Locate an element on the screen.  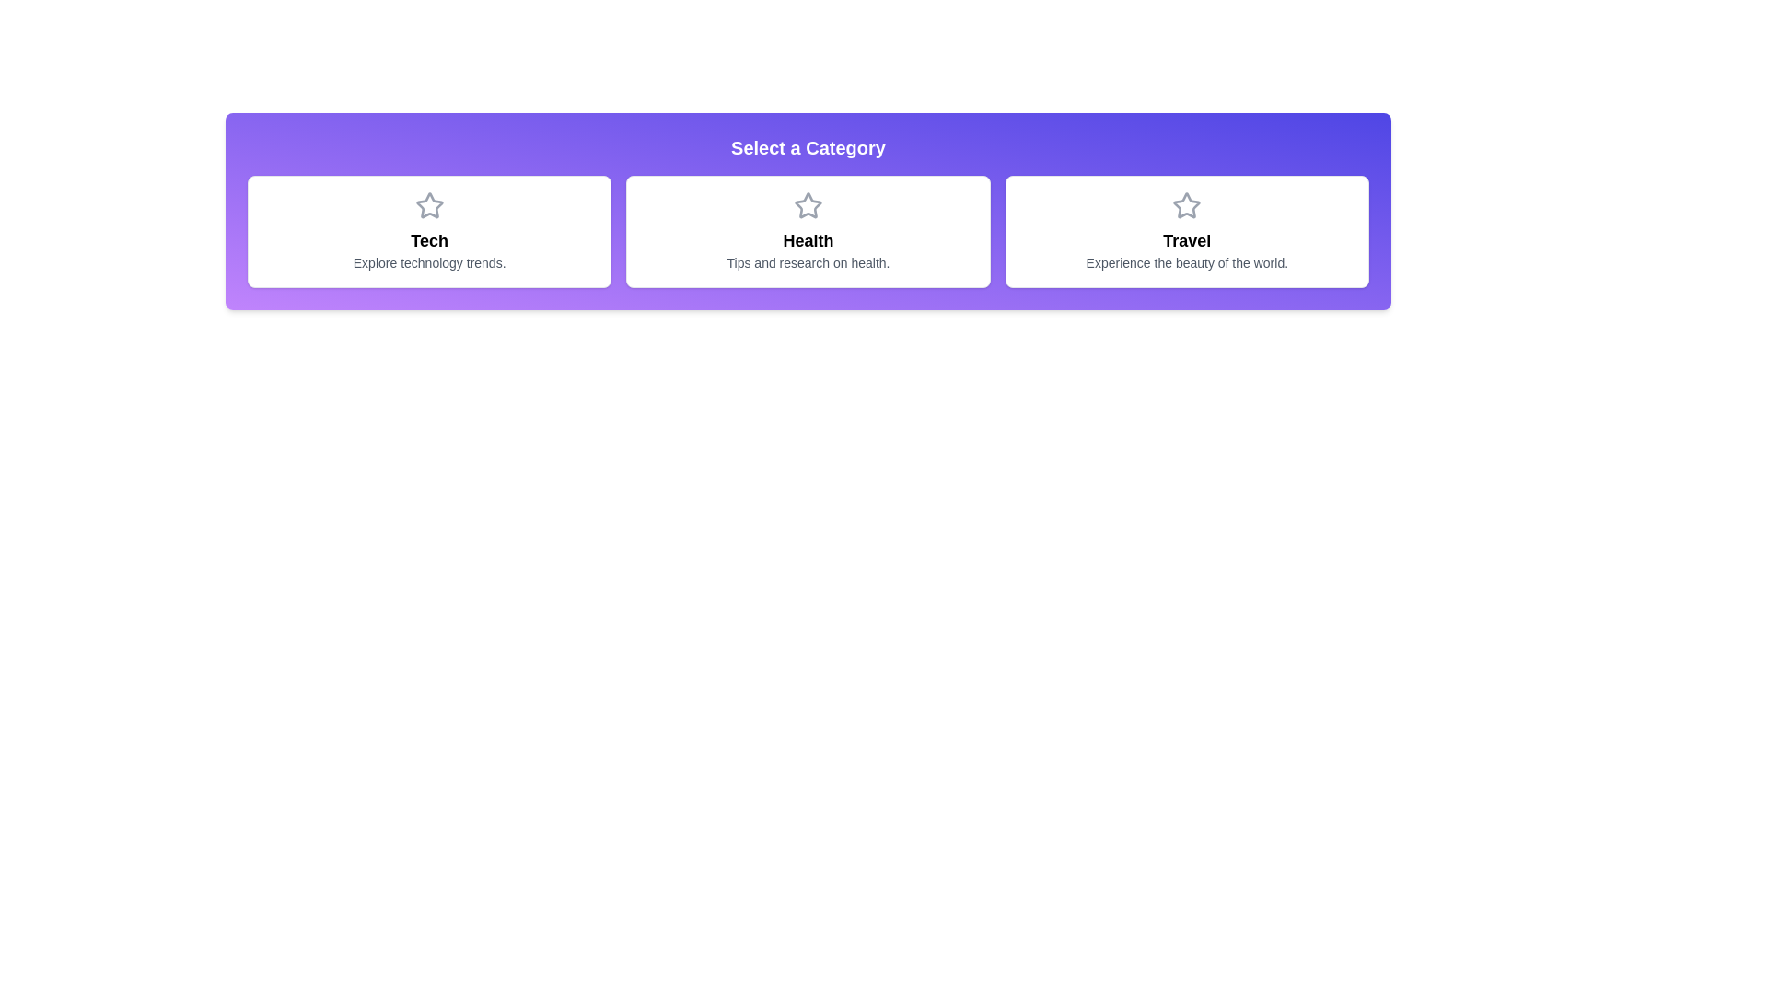
the second card in the triplet lineup under the heading 'Select a Category' is located at coordinates (808, 230).